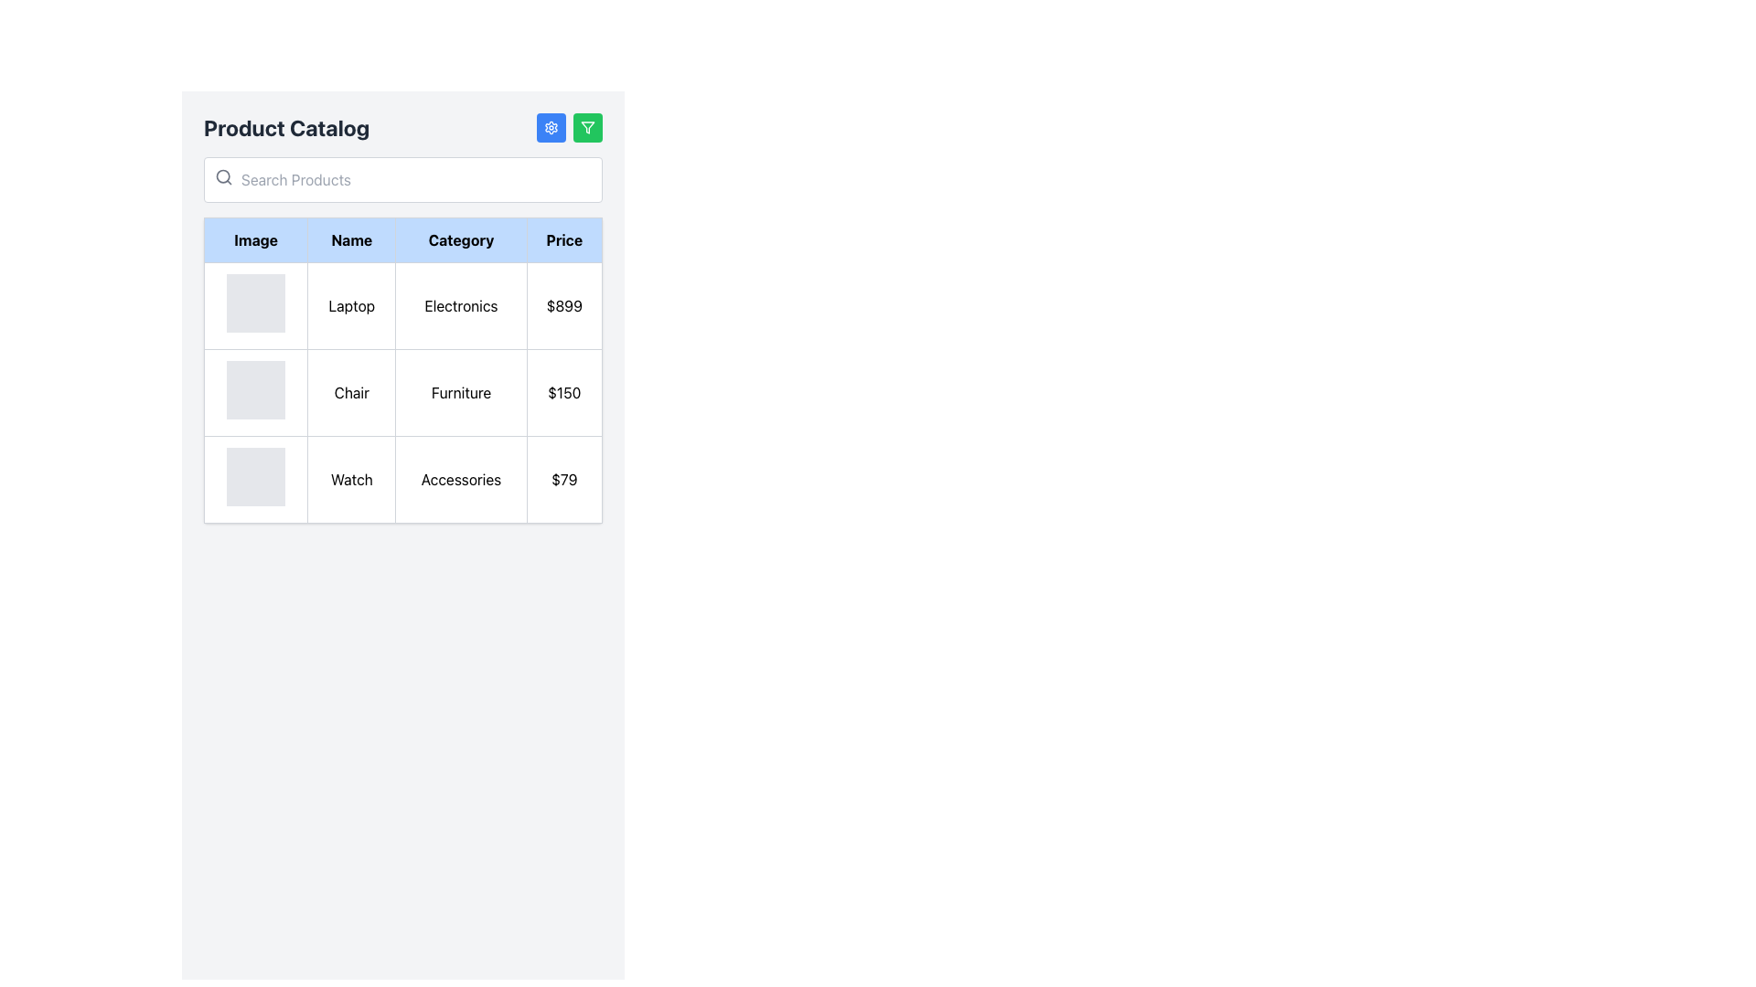 This screenshot has width=1756, height=987. What do you see at coordinates (563, 478) in the screenshot?
I see `the text block displaying the price of 'Watch Accessories', which is located in the last row of the grid layout table under the 'Price' column` at bounding box center [563, 478].